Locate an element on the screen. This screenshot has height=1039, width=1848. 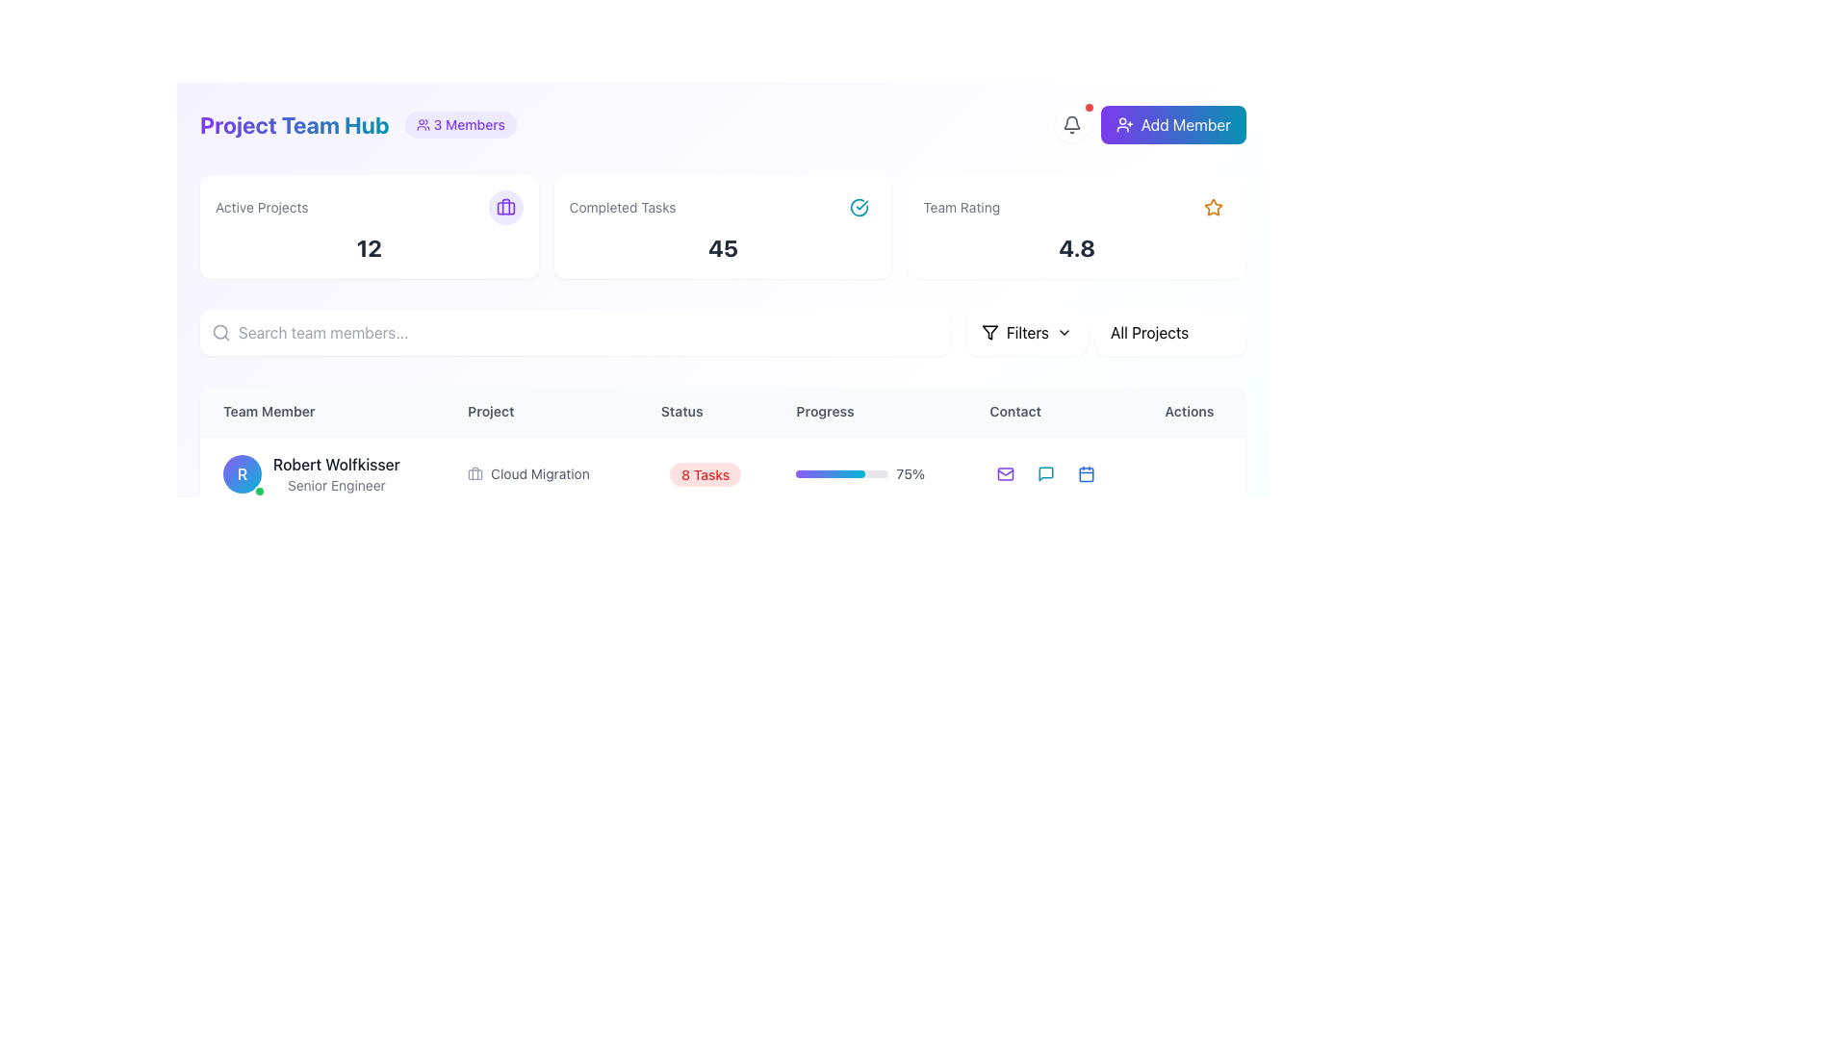
the progress bar indicating '75%' for user 'Robert Wolfkisser' in the team management interface is located at coordinates (868, 474).